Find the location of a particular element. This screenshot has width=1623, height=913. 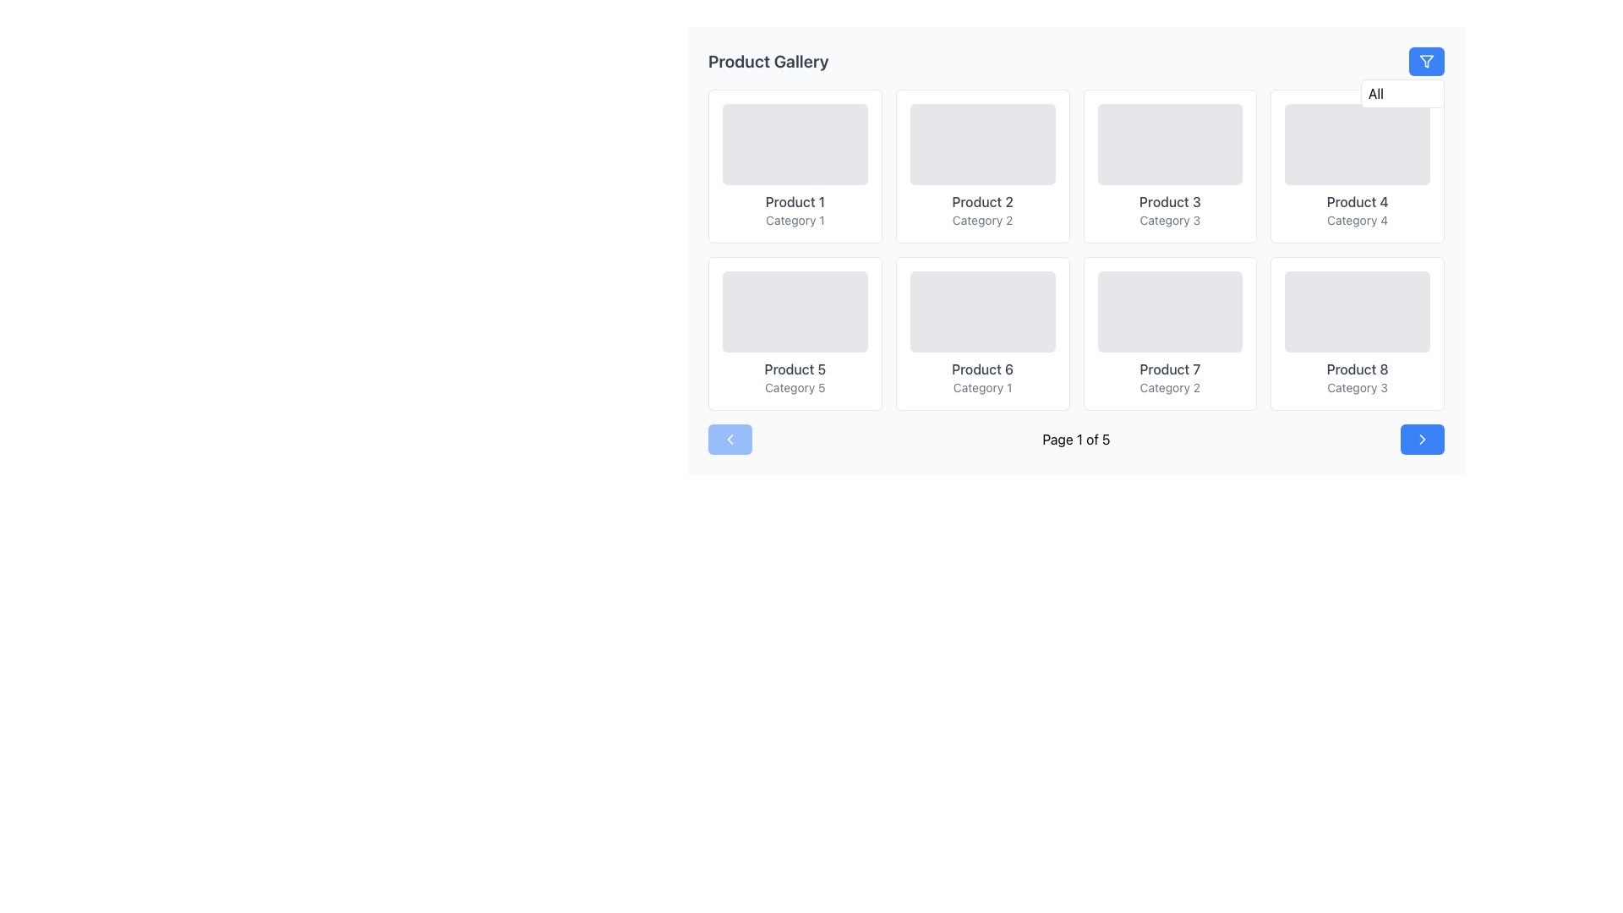

the text label displaying 'Page 1 of 5', which is centered at the bottom of the pagination control for the gallery is located at coordinates (1075, 439).